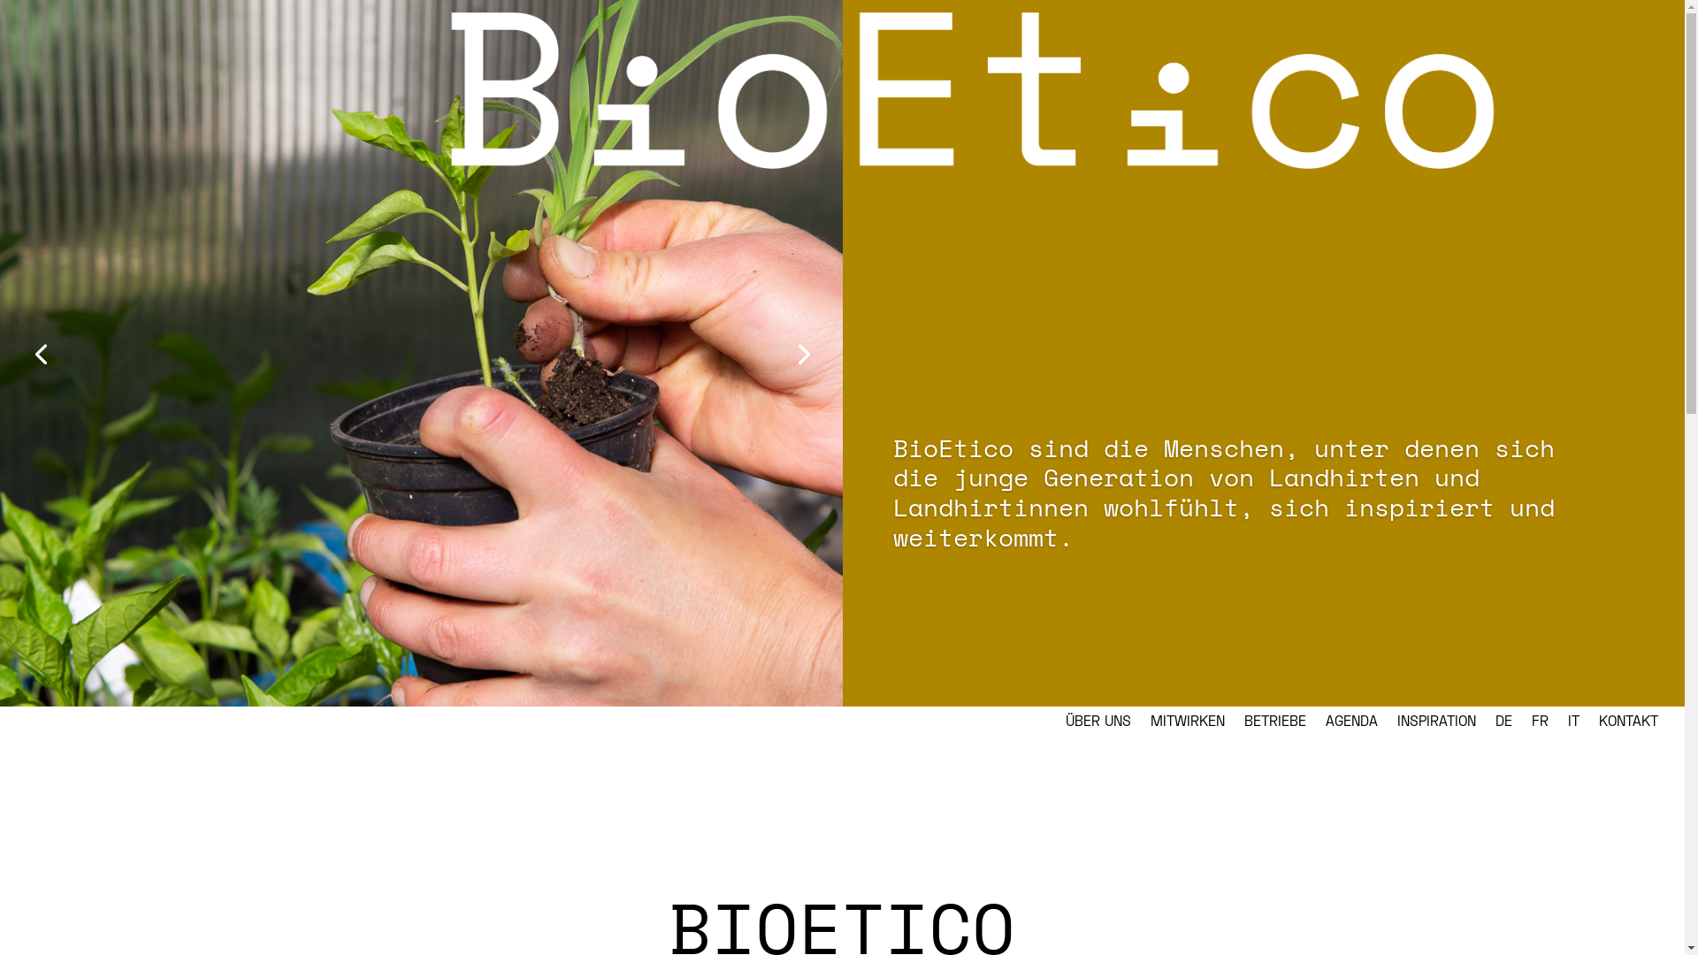 The image size is (1698, 955). What do you see at coordinates (1539, 723) in the screenshot?
I see `'FR'` at bounding box center [1539, 723].